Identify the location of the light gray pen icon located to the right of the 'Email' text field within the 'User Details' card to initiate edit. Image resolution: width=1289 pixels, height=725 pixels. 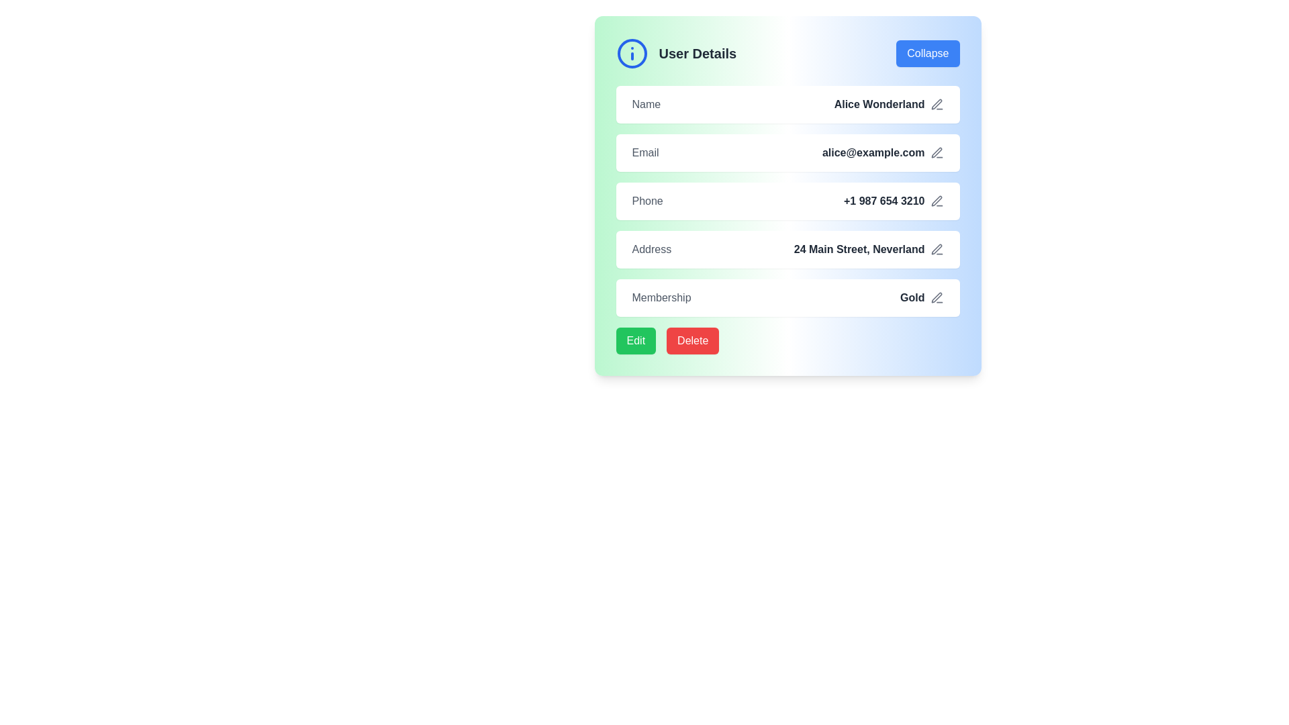
(936, 152).